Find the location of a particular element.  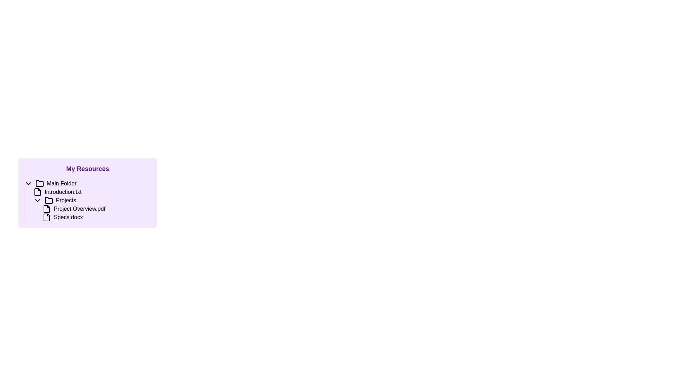

the document icon located to the left of the text 'Introduction.txt' in the 'My Resources' section is located at coordinates (37, 192).